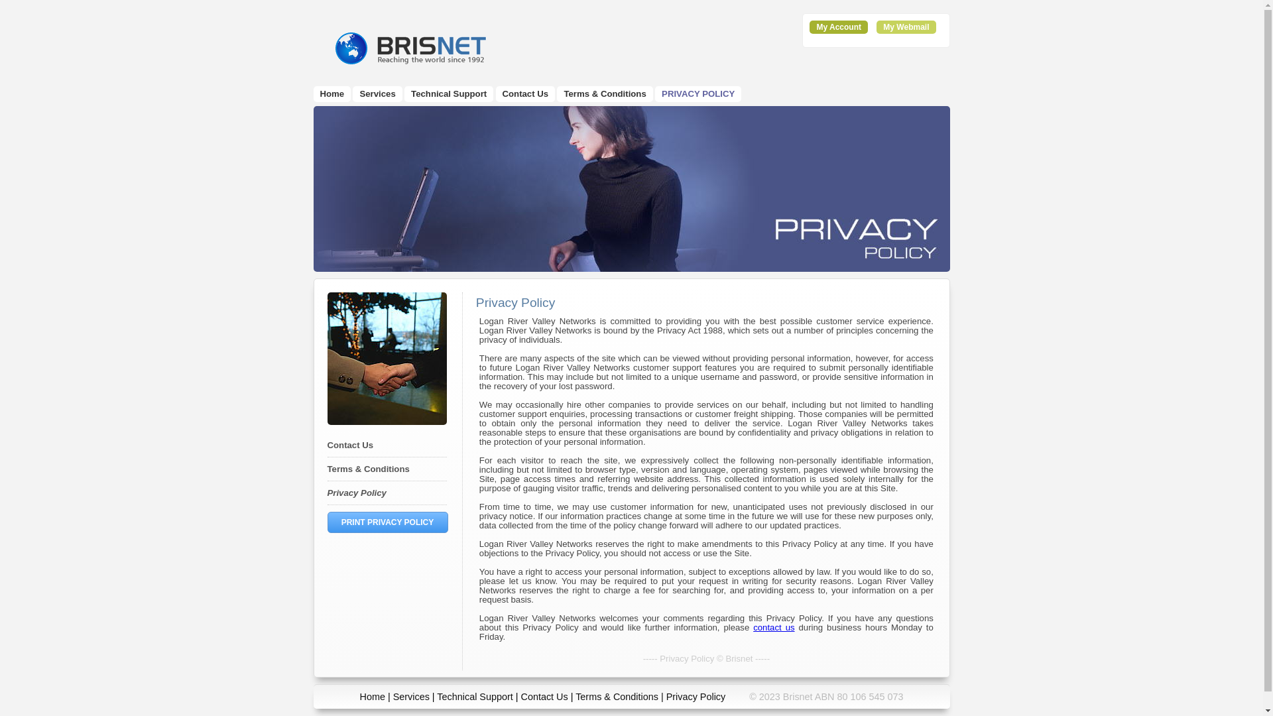 This screenshot has height=716, width=1273. Describe the element at coordinates (448, 93) in the screenshot. I see `'Technical Support'` at that location.